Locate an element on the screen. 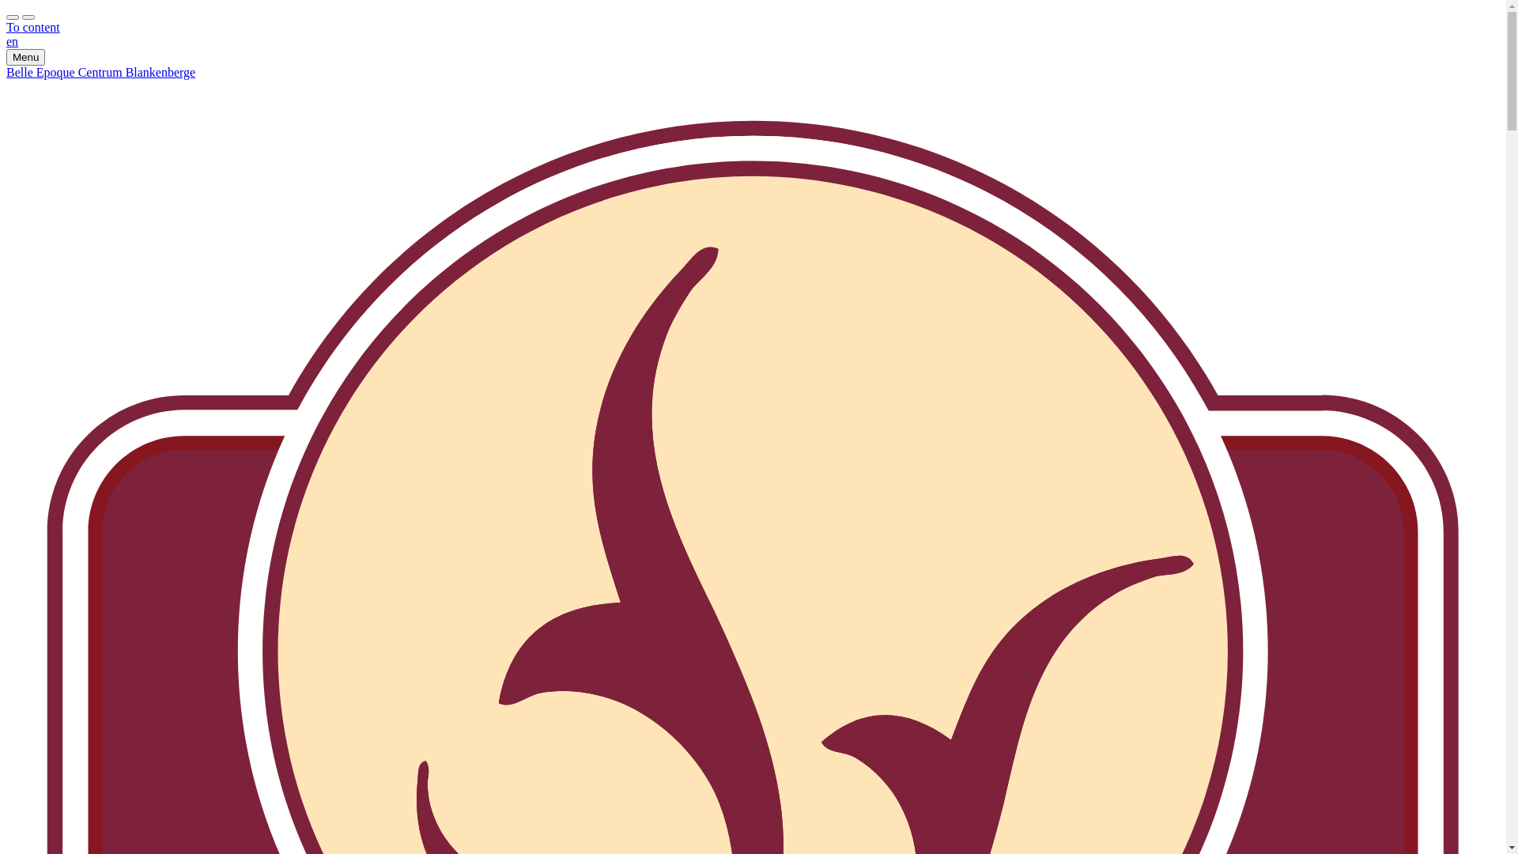  'To content' is located at coordinates (33, 27).